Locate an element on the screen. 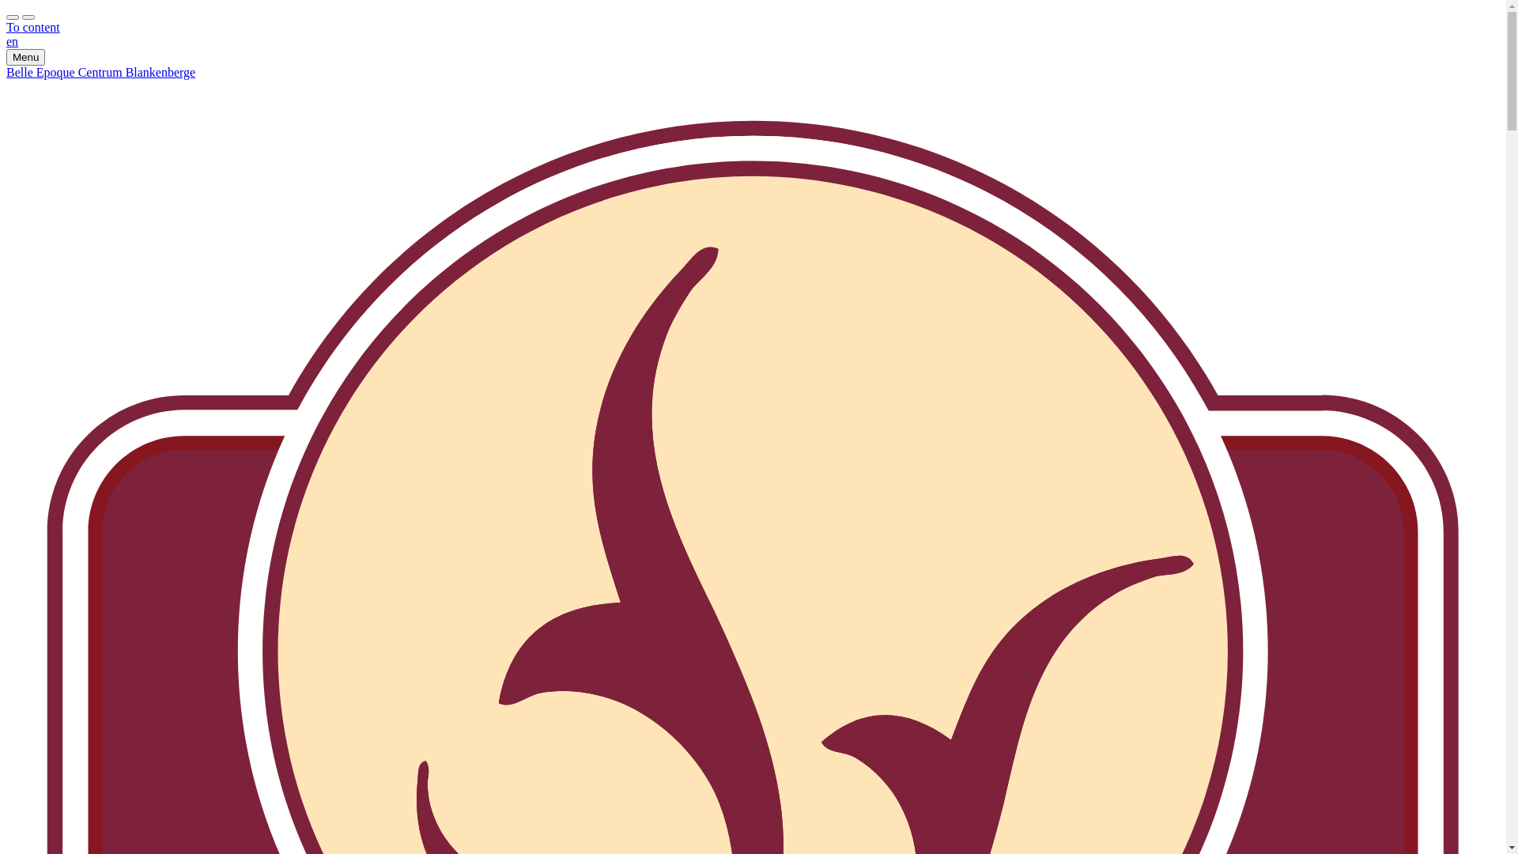  'To content' is located at coordinates (33, 27).